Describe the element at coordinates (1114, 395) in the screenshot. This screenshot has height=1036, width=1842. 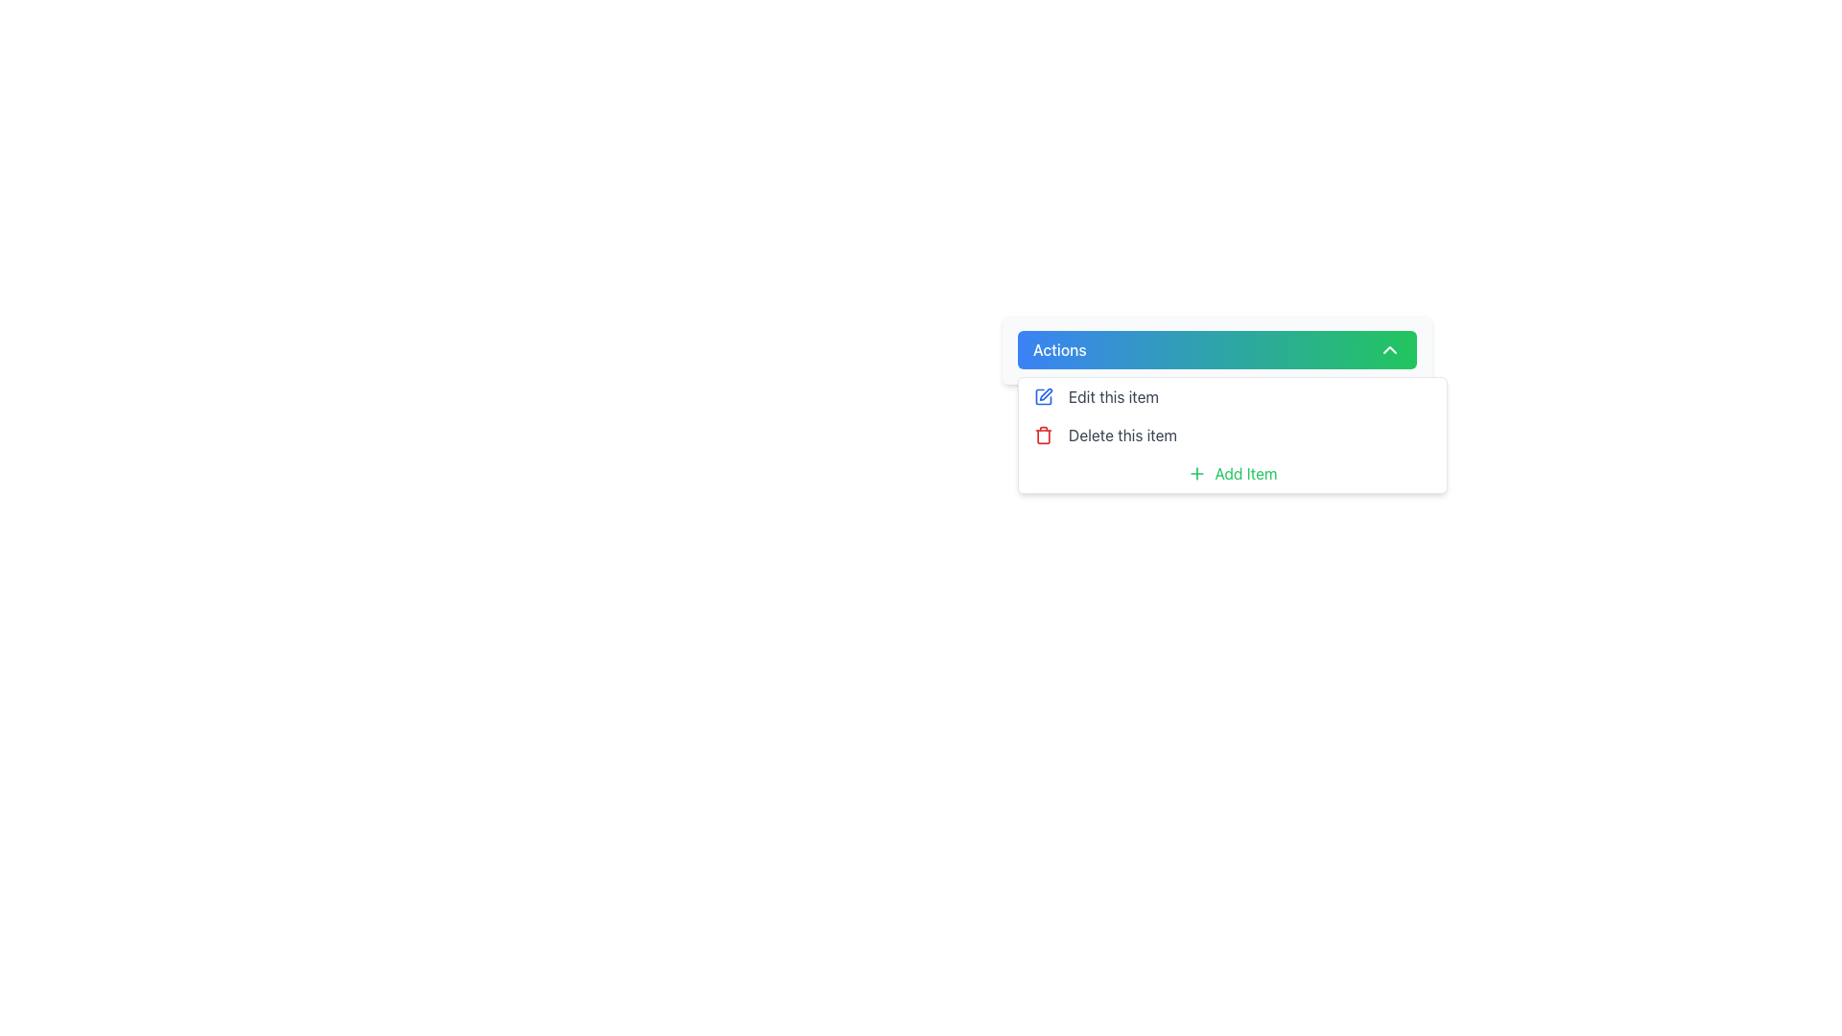
I see `the static text label 'Edit this item' located in the dropdown menu under the 'Actions' section` at that location.